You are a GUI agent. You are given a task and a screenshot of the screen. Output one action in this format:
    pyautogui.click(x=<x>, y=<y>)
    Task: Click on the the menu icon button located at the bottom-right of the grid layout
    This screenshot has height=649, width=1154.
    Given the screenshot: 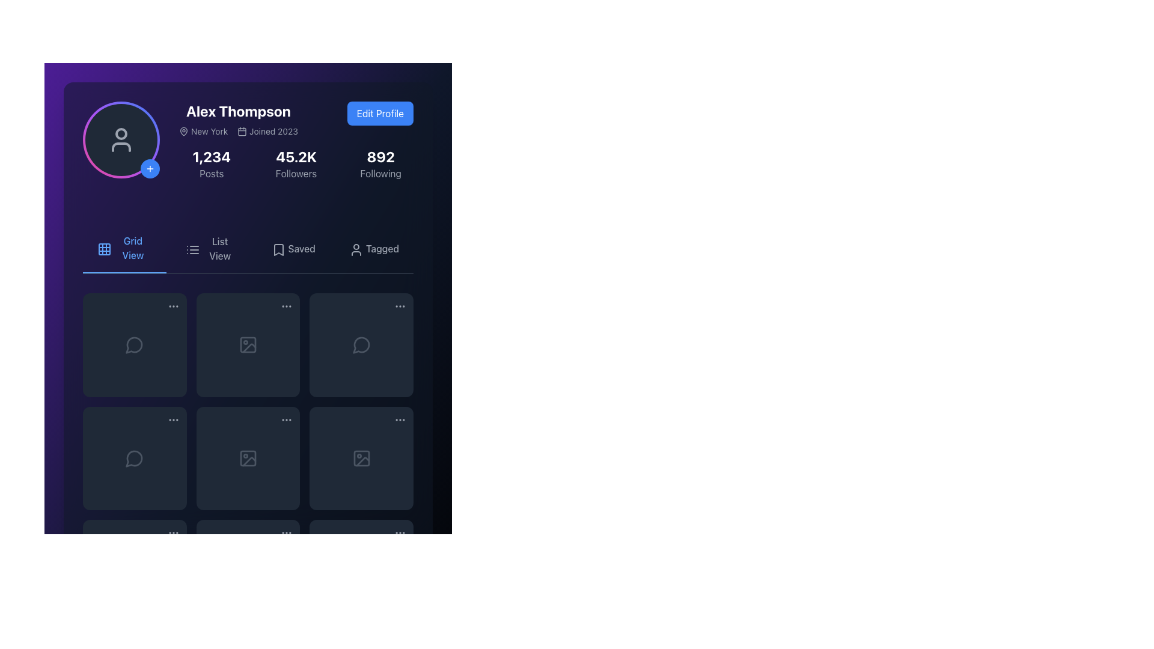 What is the action you would take?
    pyautogui.click(x=400, y=532)
    